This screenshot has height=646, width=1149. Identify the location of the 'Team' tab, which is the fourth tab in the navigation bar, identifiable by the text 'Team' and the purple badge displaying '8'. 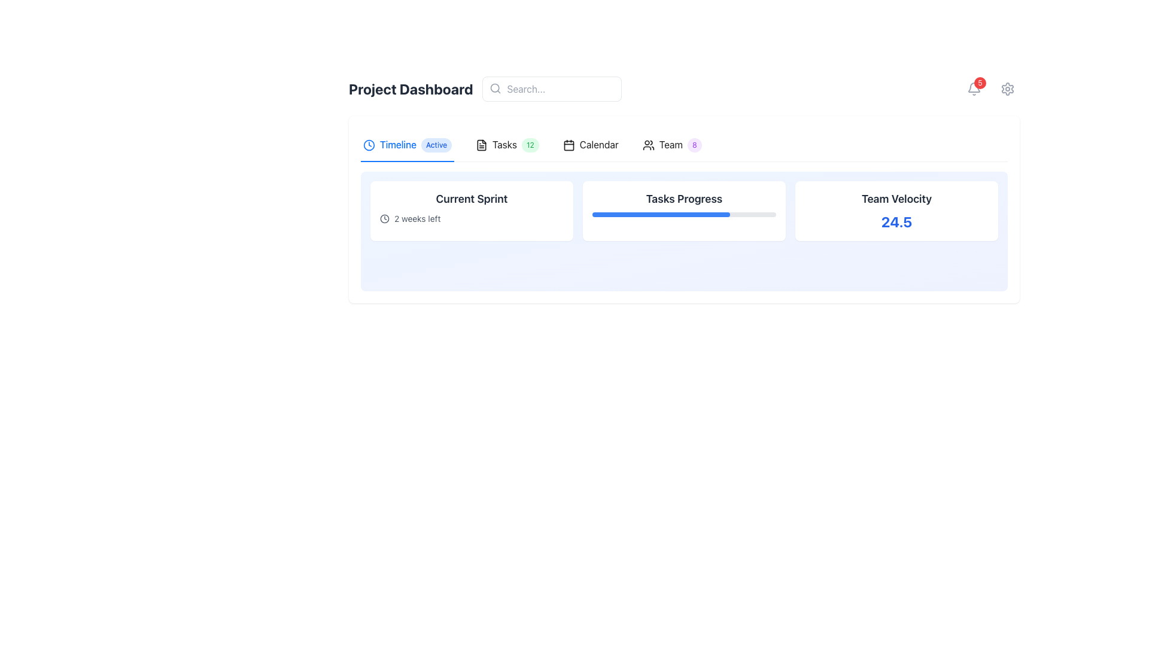
(672, 144).